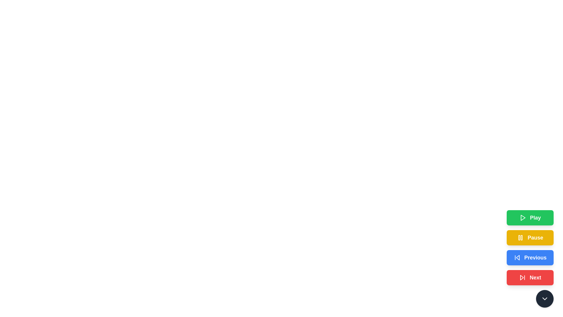 The image size is (563, 317). Describe the element at coordinates (530, 217) in the screenshot. I see `the Play button to perform the corresponding action` at that location.